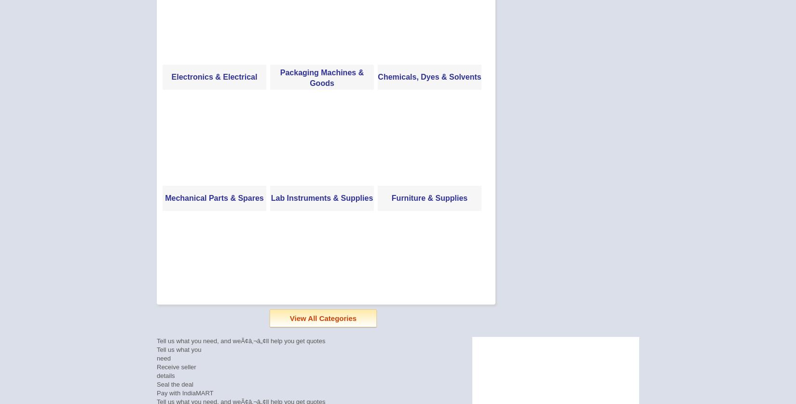 Image resolution: width=796 pixels, height=404 pixels. I want to click on 'Electronics & Electrical', so click(214, 76).